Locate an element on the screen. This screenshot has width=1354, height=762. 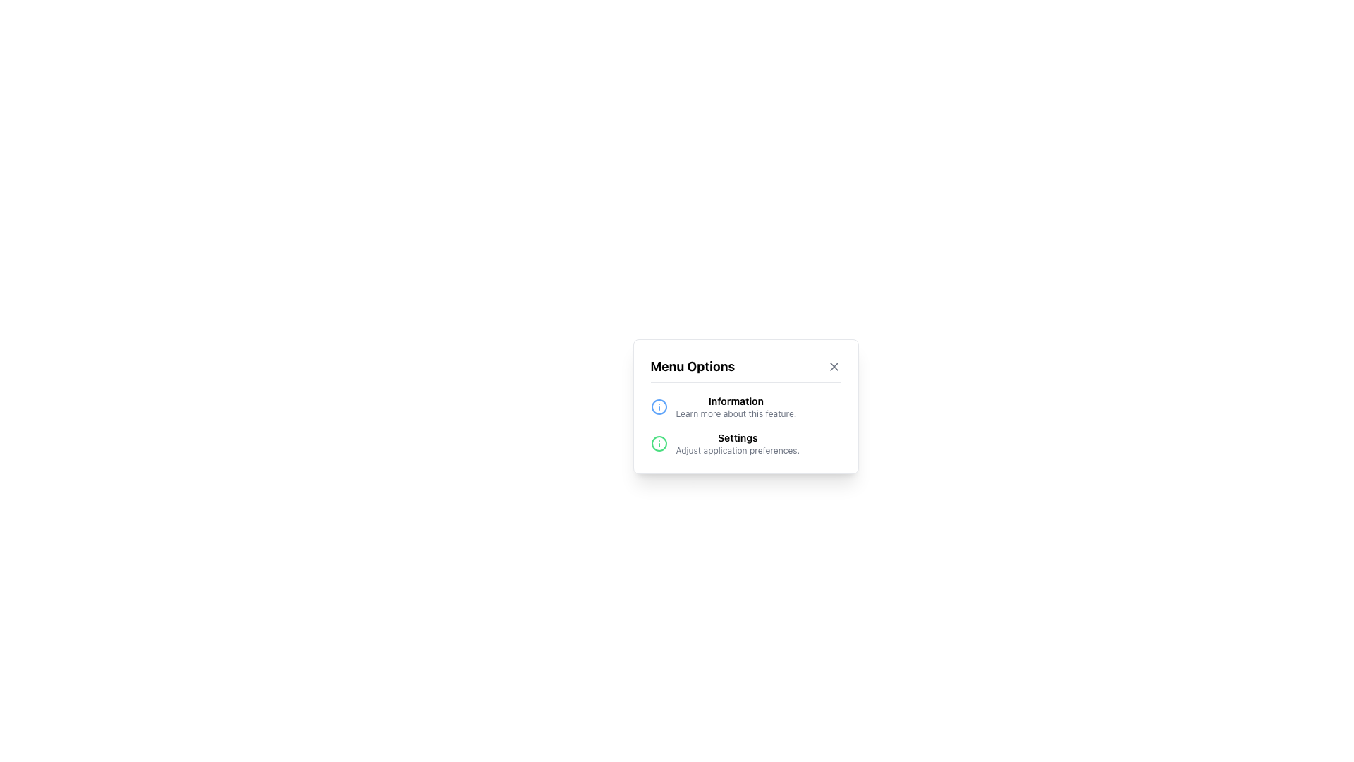
the circular outline icon with a soft blue tint located in the 'Menu Options' dialog is located at coordinates (658, 406).